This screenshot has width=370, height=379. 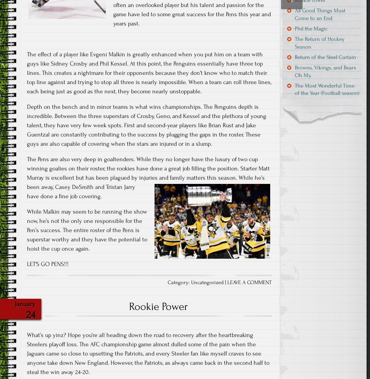 What do you see at coordinates (27, 125) in the screenshot?
I see `'Depth on the bench and in minor teams is what wins championships. The Penguins depth is incredible. Between the three superstars of Crosby, Geno, and Kessel and the plethora of young talent, they have very few week spots. First and second-year players like Brian Rust and Jake Guentzal are constantly contributing to the success by plugging the gaps in the roster. These guys are also capable of covering when the stars are injured or in a slump.'` at bounding box center [27, 125].